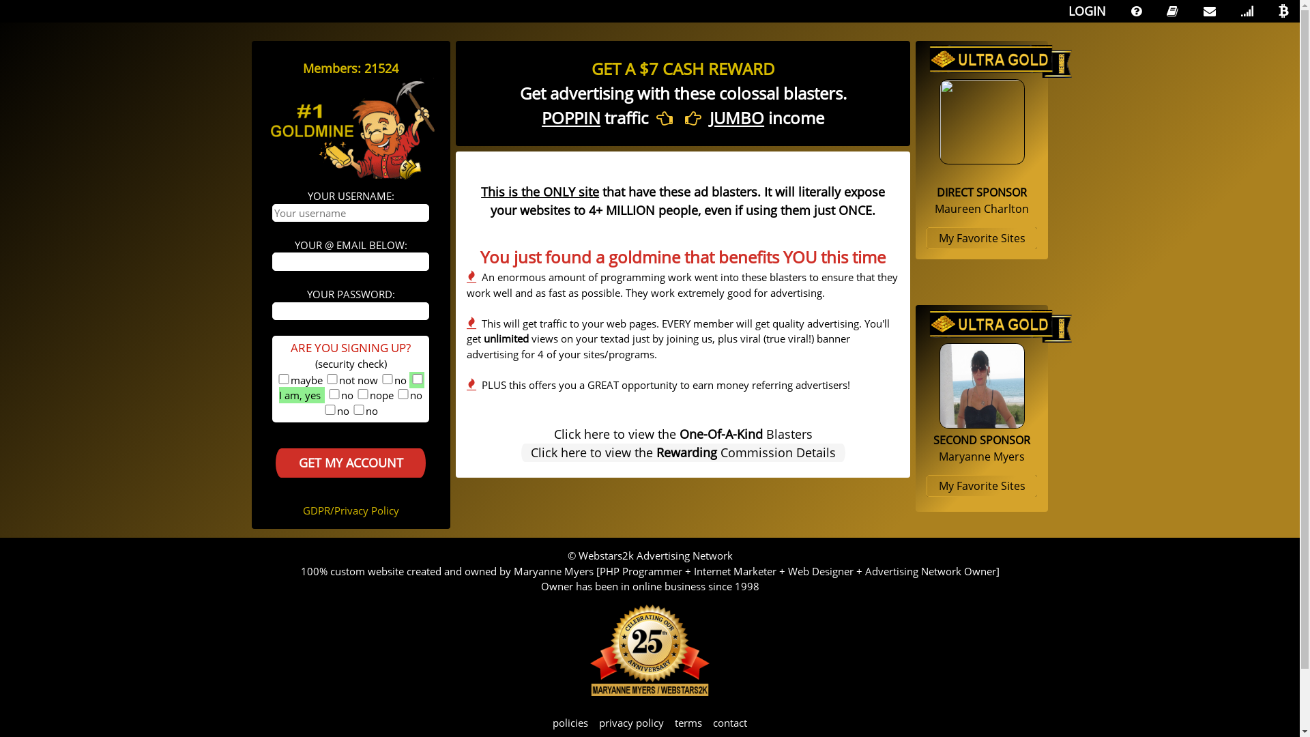 The height and width of the screenshot is (737, 1310). I want to click on 'GET MY ACCOUNT', so click(274, 462).